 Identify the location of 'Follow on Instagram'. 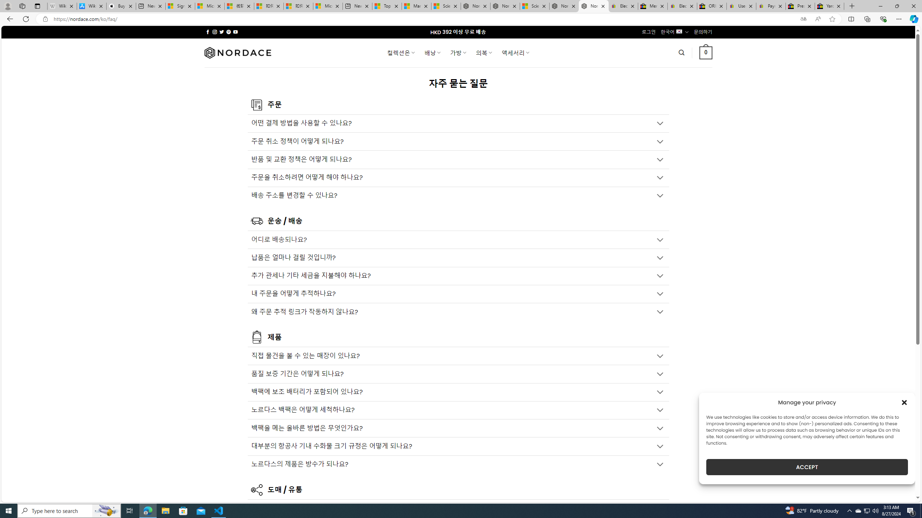
(214, 32).